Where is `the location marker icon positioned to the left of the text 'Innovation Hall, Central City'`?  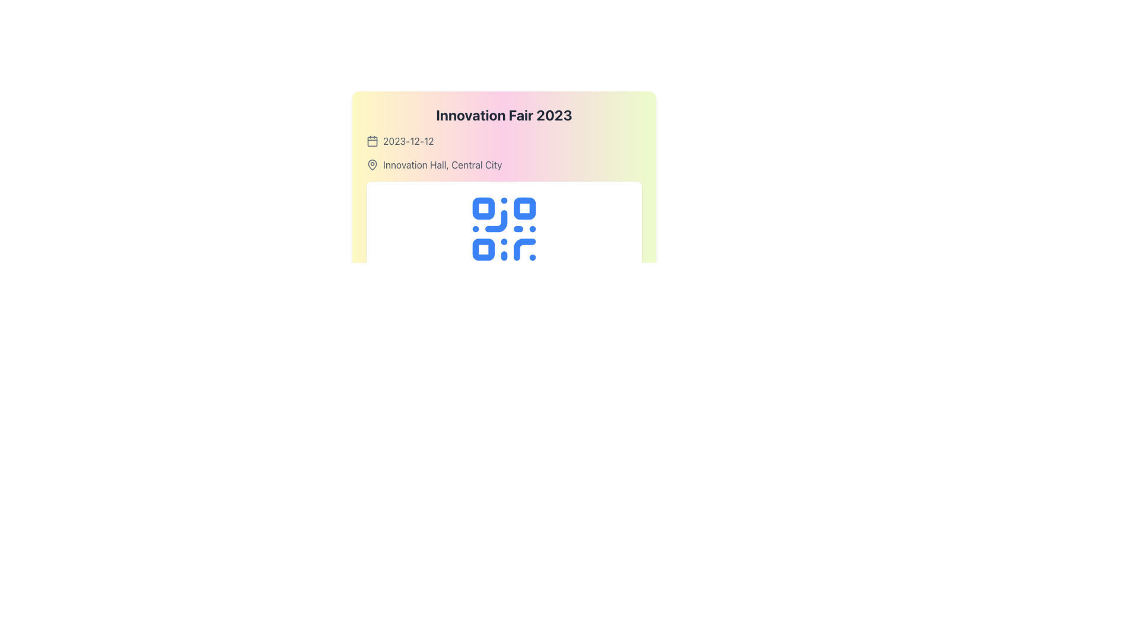
the location marker icon positioned to the left of the text 'Innovation Hall, Central City' is located at coordinates (372, 164).